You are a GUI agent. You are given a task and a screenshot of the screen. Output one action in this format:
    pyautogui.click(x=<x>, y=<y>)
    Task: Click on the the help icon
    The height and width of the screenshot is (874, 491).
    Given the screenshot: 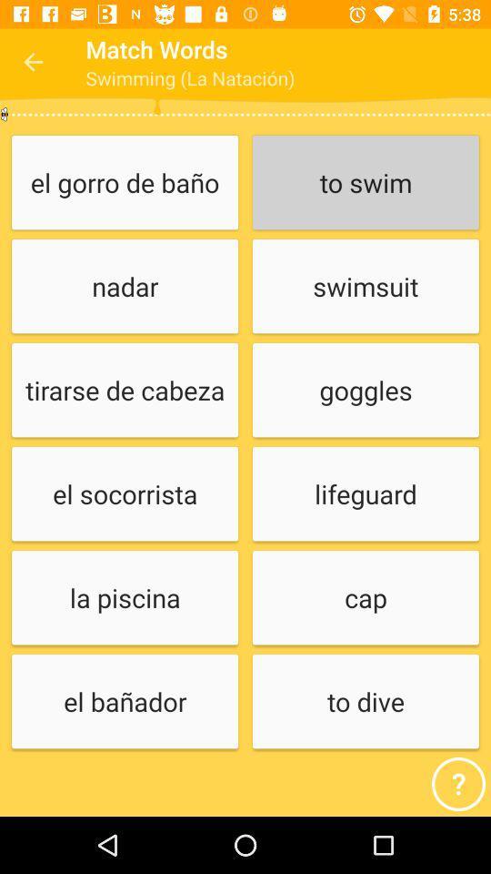 What is the action you would take?
    pyautogui.click(x=457, y=783)
    